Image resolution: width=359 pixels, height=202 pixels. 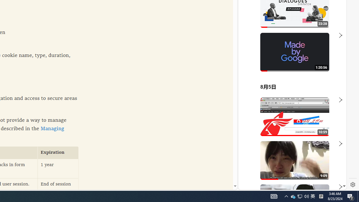 What do you see at coordinates (290, 171) in the screenshot?
I see `'you'` at bounding box center [290, 171].